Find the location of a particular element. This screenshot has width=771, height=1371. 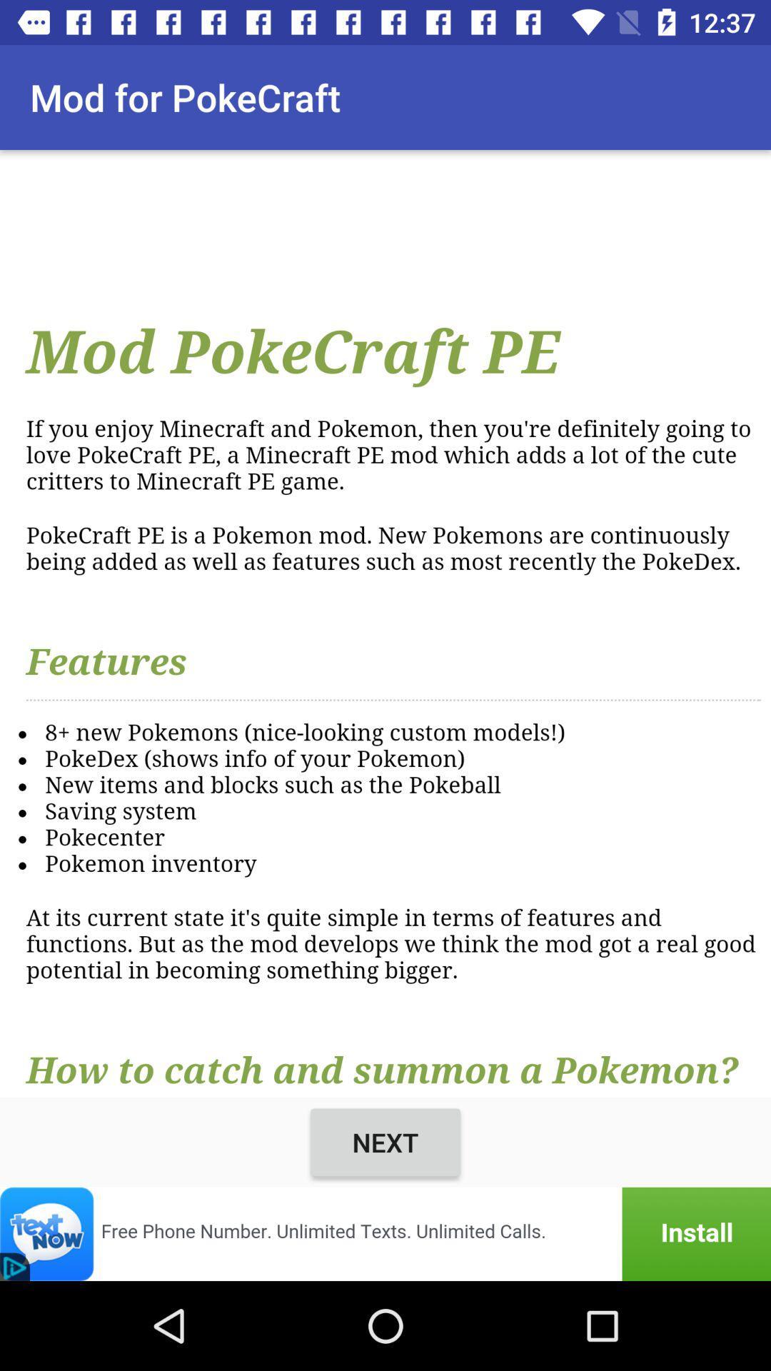

advertisement is located at coordinates (385, 1233).